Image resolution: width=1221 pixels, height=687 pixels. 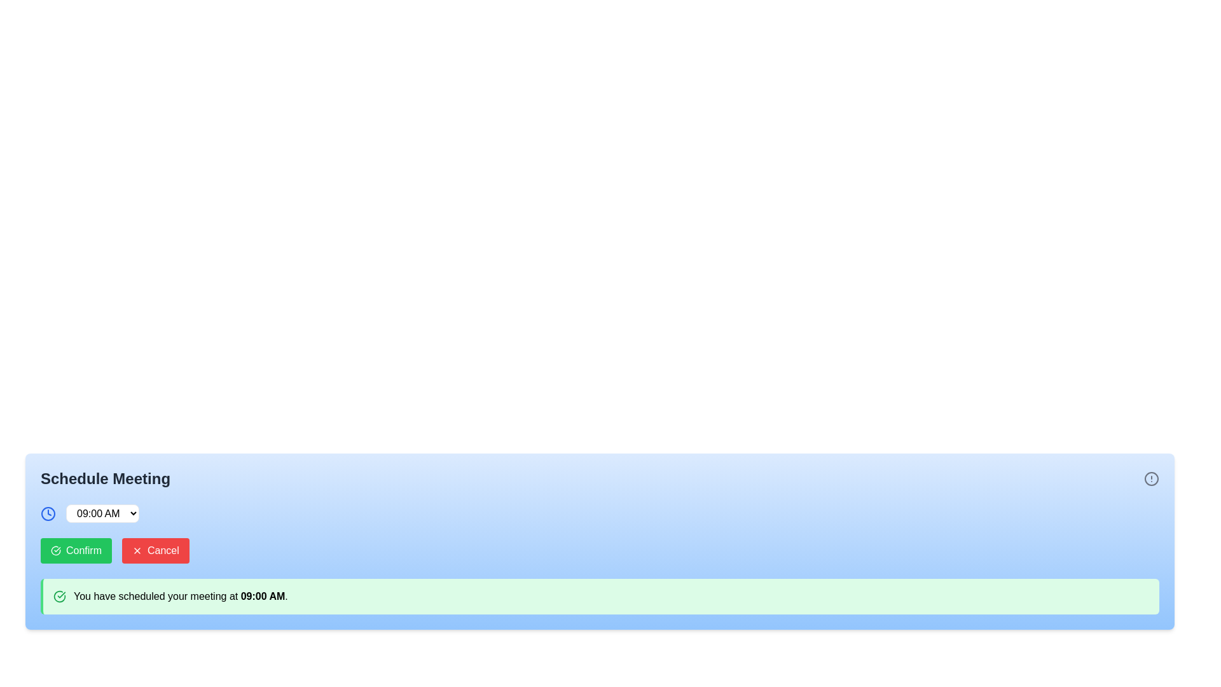 What do you see at coordinates (262, 596) in the screenshot?
I see `the text label displaying '09:00 AM', which is bold and right-justified within a green background notification section` at bounding box center [262, 596].